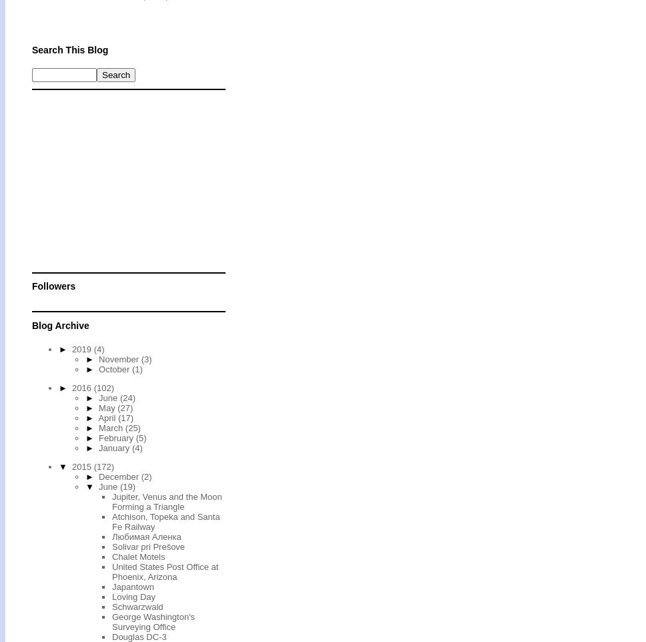 Image resolution: width=646 pixels, height=642 pixels. What do you see at coordinates (119, 475) in the screenshot?
I see `'December'` at bounding box center [119, 475].